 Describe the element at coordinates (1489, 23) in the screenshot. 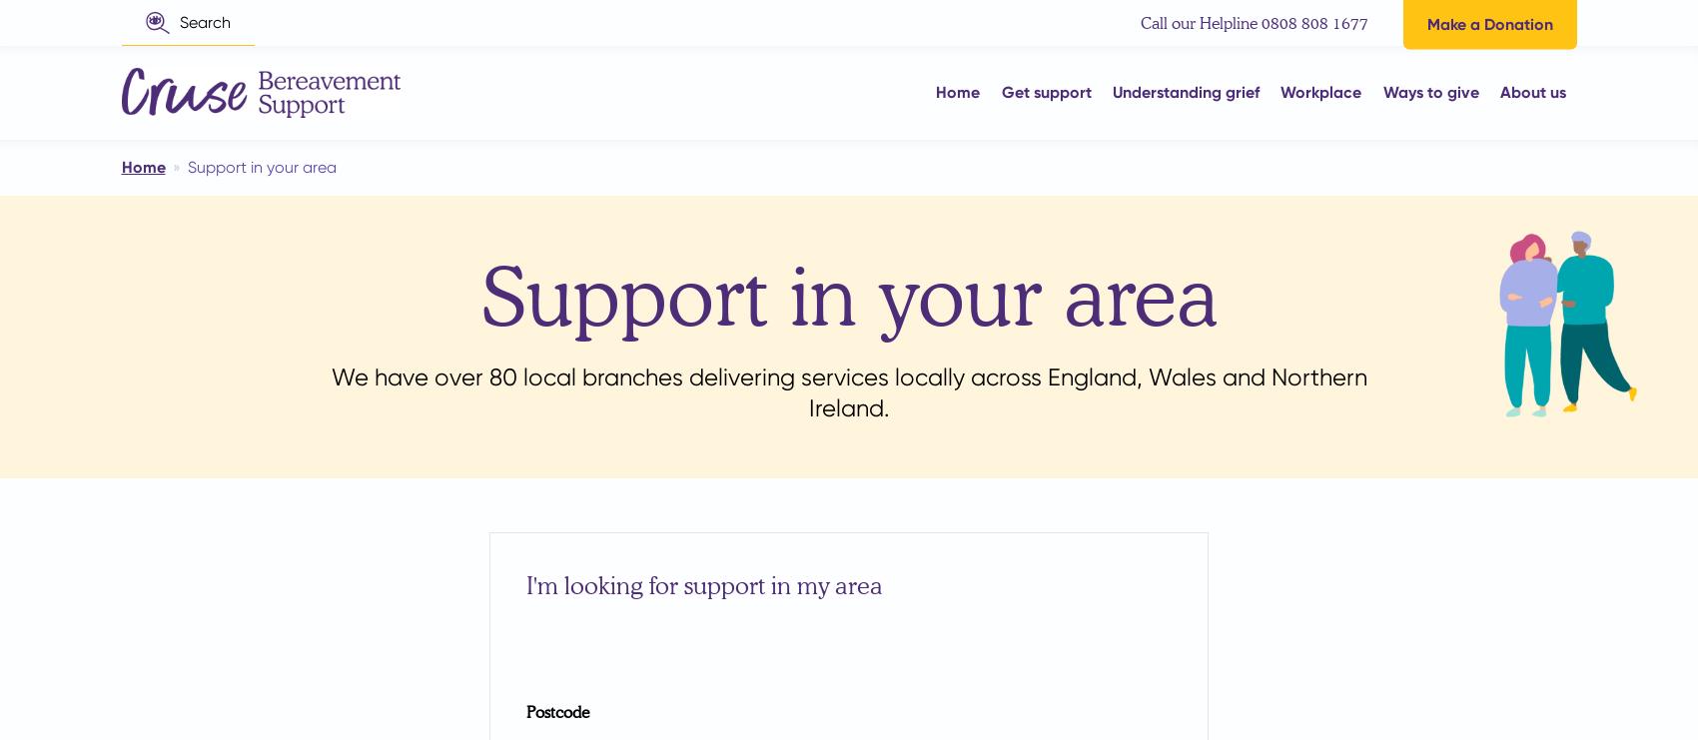

I see `'Make a Donation'` at that location.